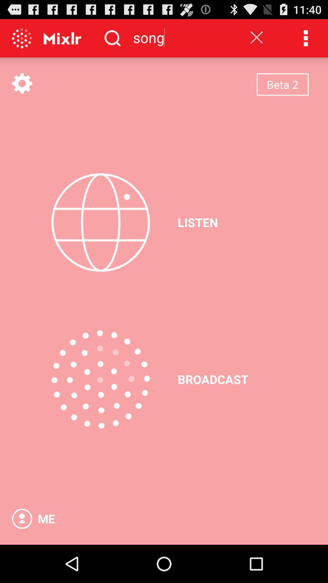  I want to click on the avatar icon, so click(22, 555).